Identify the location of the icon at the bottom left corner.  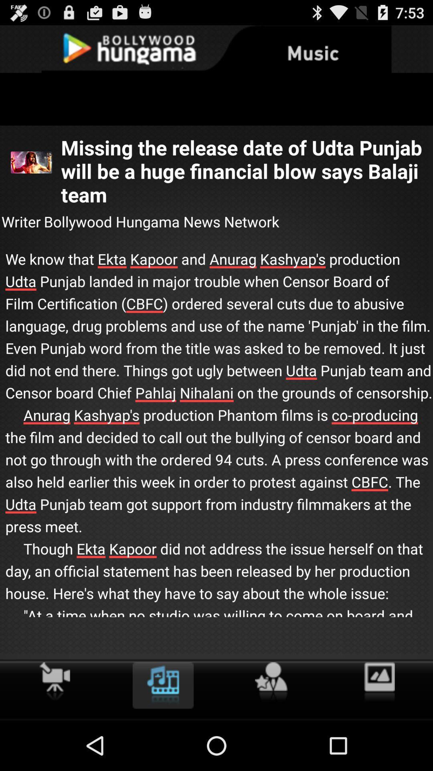
(54, 681).